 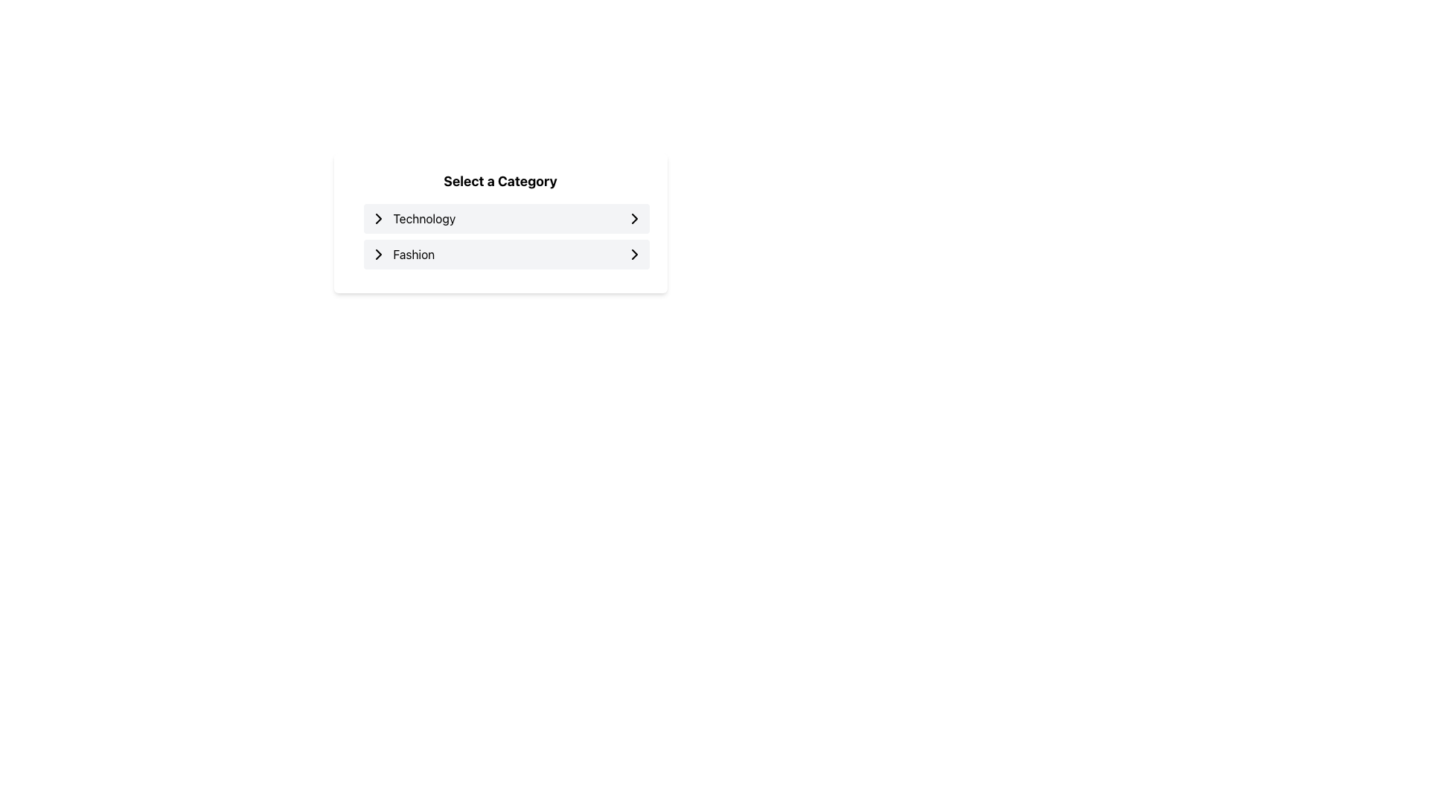 I want to click on the arrow icon indicating navigation into the 'Fashion' category, so click(x=378, y=254).